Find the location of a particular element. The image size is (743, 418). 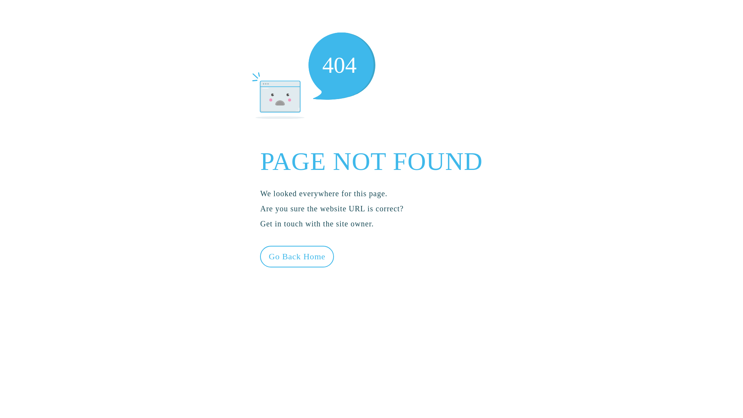

'Go Back Home' is located at coordinates (296, 257).